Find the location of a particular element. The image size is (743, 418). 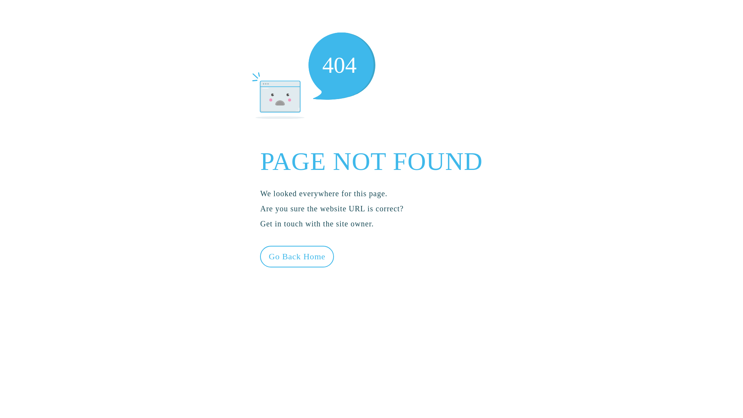

'Go Back Home' is located at coordinates (296, 257).